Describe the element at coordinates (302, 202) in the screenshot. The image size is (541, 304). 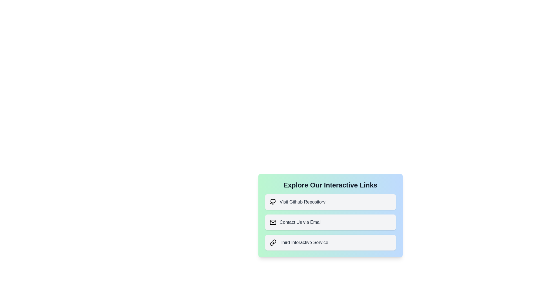
I see `the text label stating 'Visit Github Repository' which is styled in medium-weight dark gray font and is centrally located in the first interactive link of the 'Explore Our Interactive Links' section` at that location.